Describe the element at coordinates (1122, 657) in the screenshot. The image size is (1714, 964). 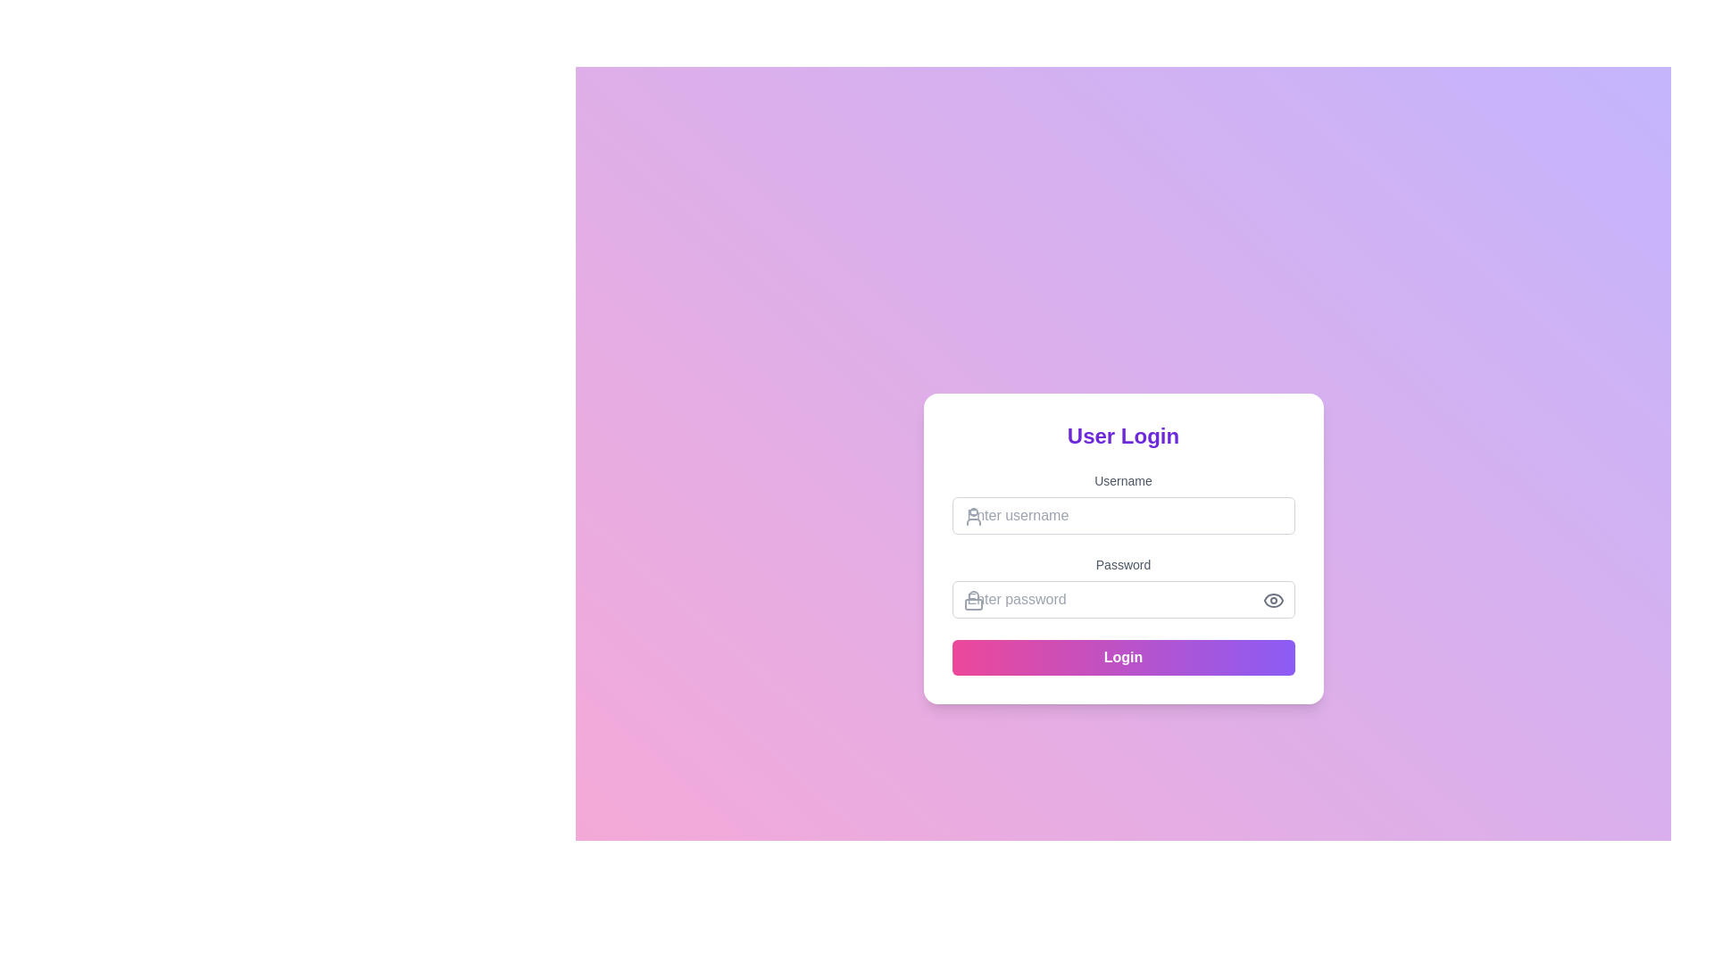
I see `the submit button located below the 'Username' and 'Password' fields in the 'User Login' form` at that location.